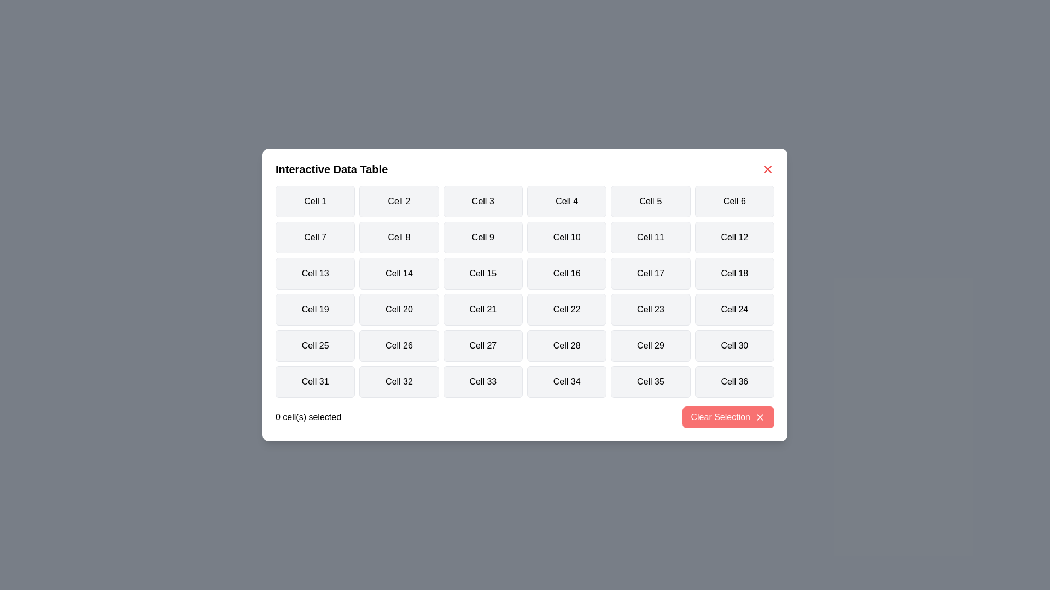 Image resolution: width=1050 pixels, height=590 pixels. I want to click on the close button in the top-right corner of the dialog box, so click(767, 169).